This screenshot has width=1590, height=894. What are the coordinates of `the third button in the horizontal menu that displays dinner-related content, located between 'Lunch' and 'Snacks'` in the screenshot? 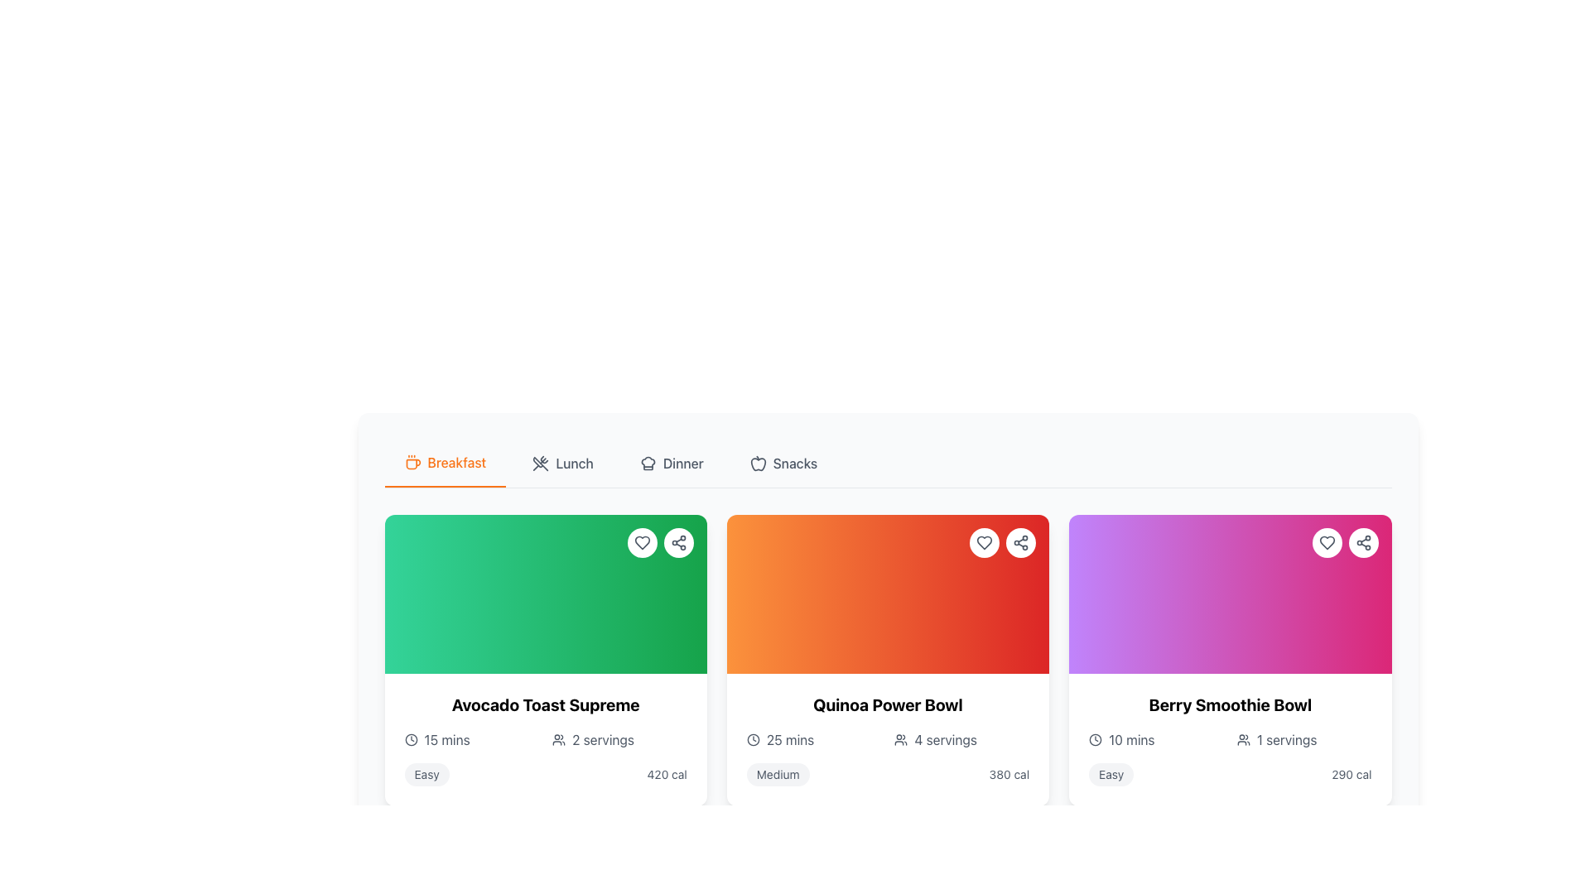 It's located at (672, 463).